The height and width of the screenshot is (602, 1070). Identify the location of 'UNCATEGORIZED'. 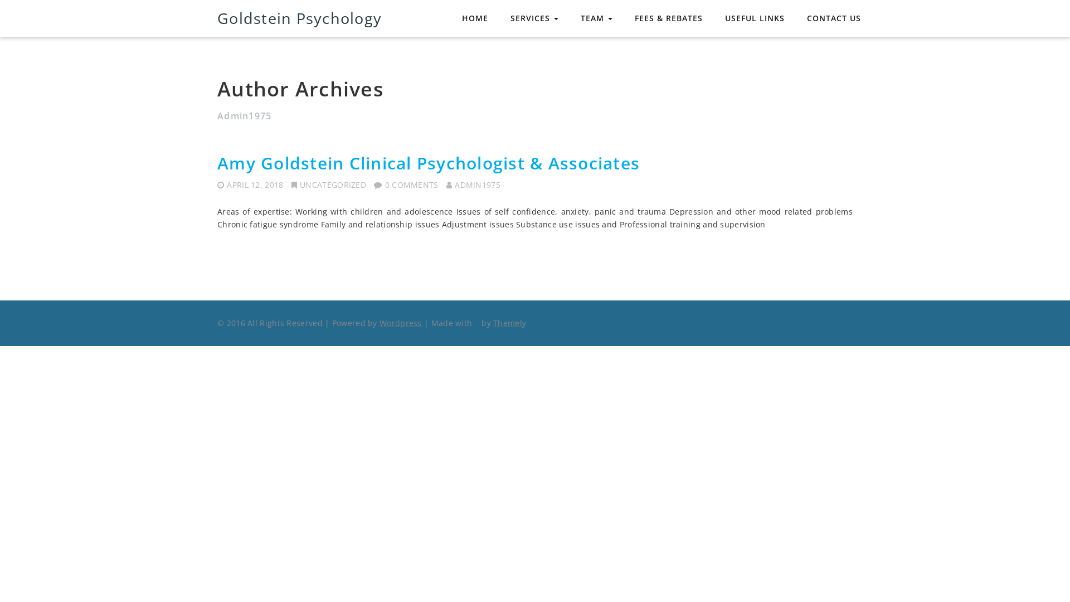
(332, 184).